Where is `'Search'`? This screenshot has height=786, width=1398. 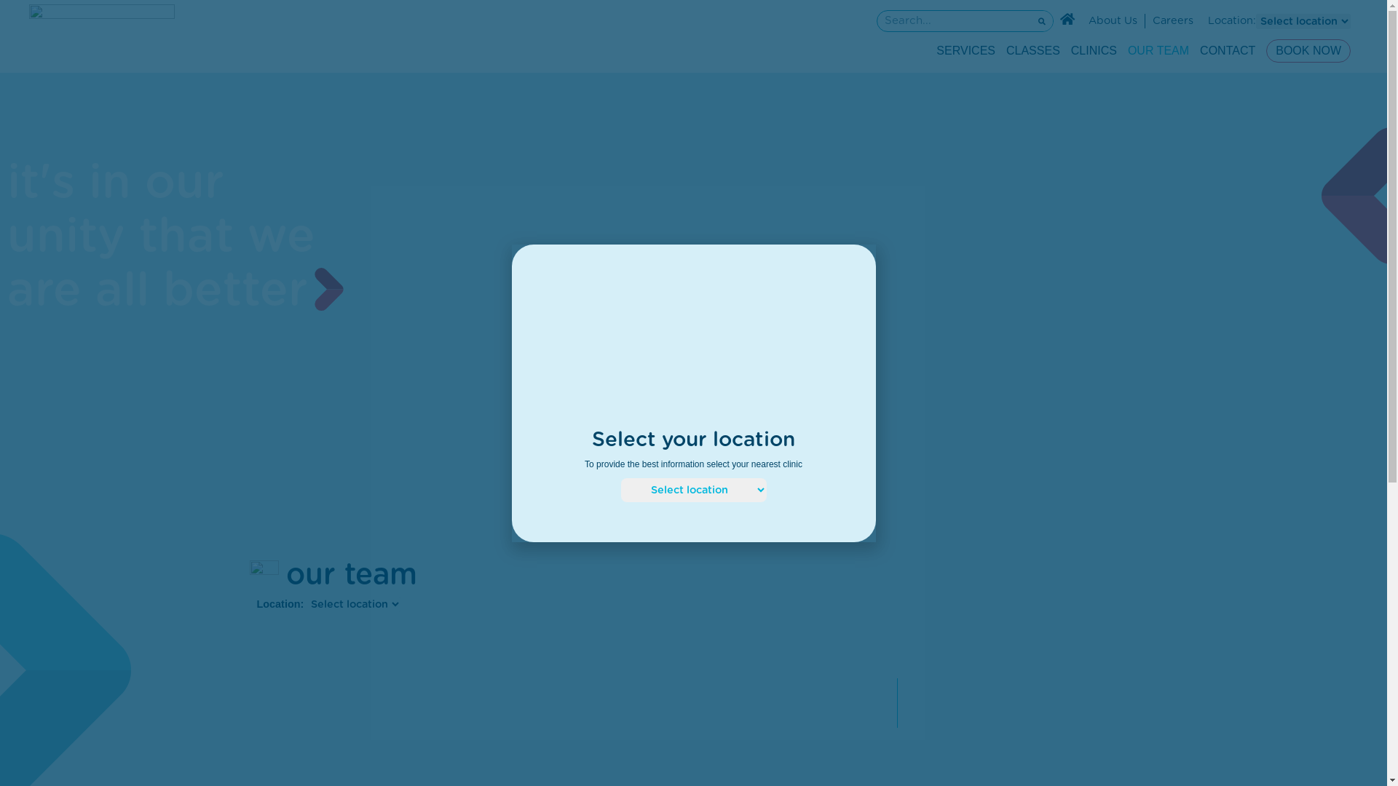 'Search' is located at coordinates (954, 21).